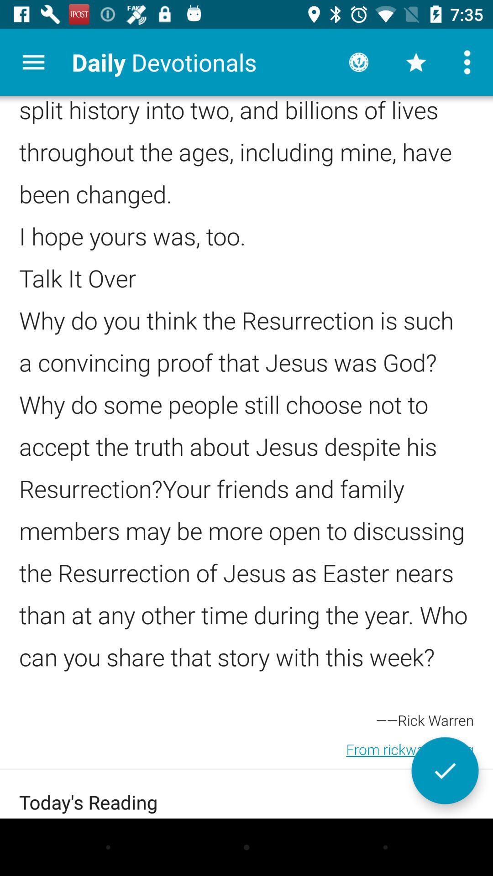 This screenshot has height=876, width=493. Describe the element at coordinates (445, 770) in the screenshot. I see `the check icon` at that location.